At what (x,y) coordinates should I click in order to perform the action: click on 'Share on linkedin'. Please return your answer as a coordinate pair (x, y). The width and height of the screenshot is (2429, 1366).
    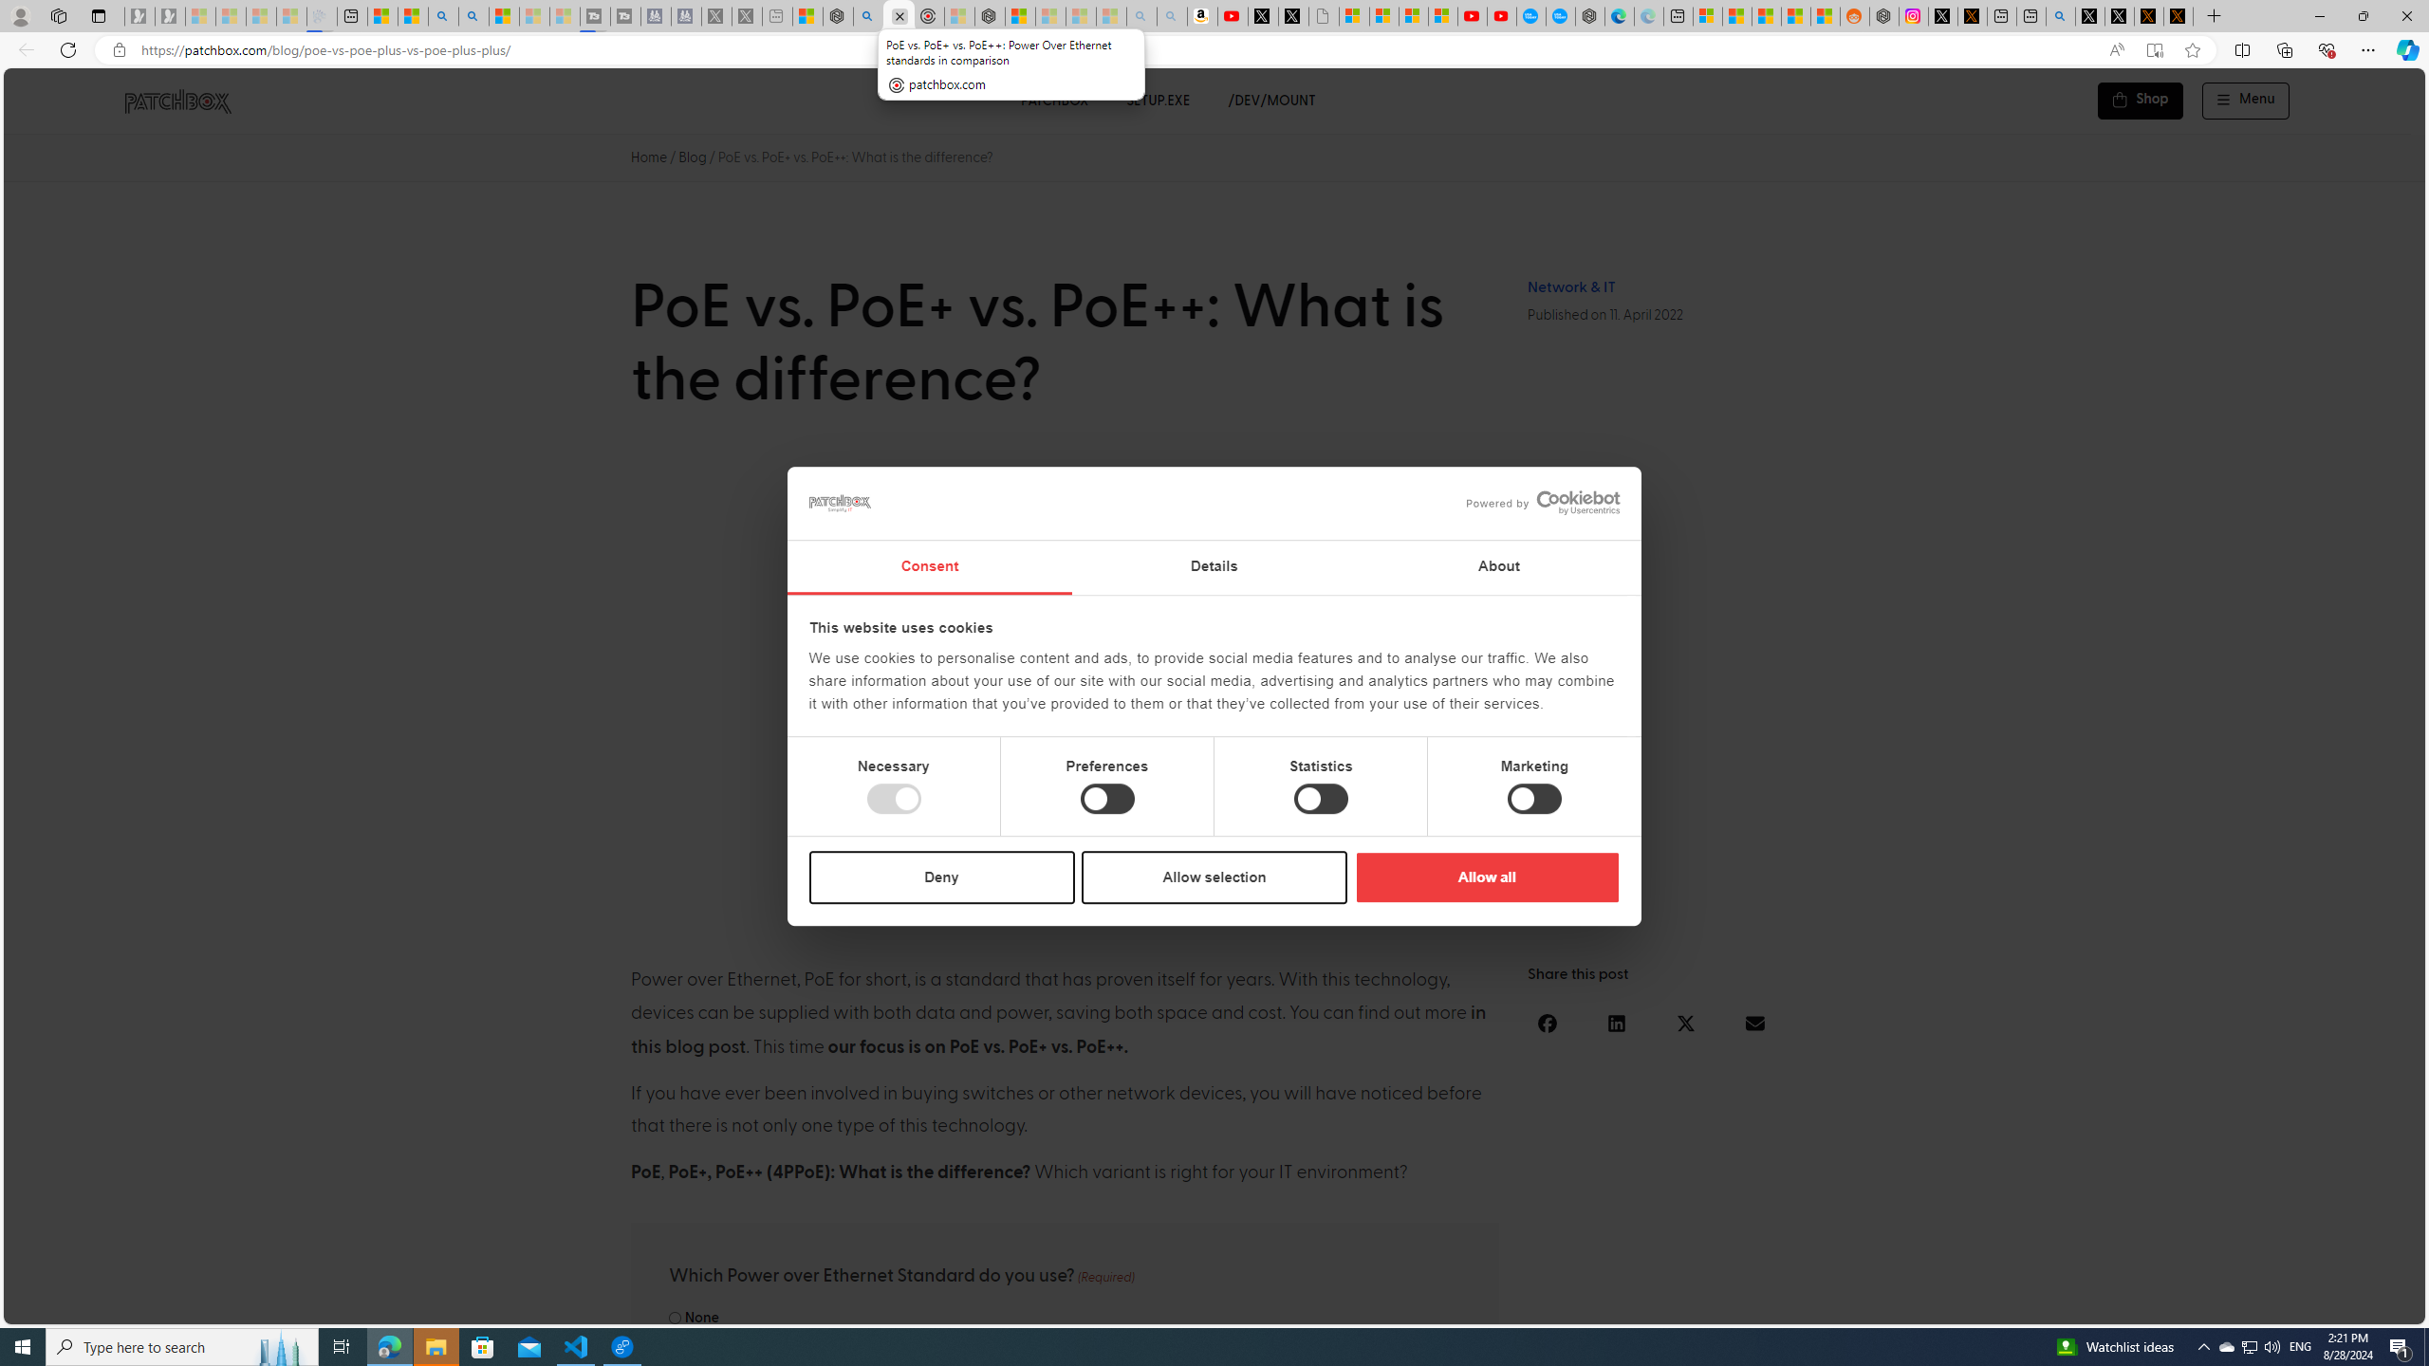
    Looking at the image, I should click on (1616, 1024).